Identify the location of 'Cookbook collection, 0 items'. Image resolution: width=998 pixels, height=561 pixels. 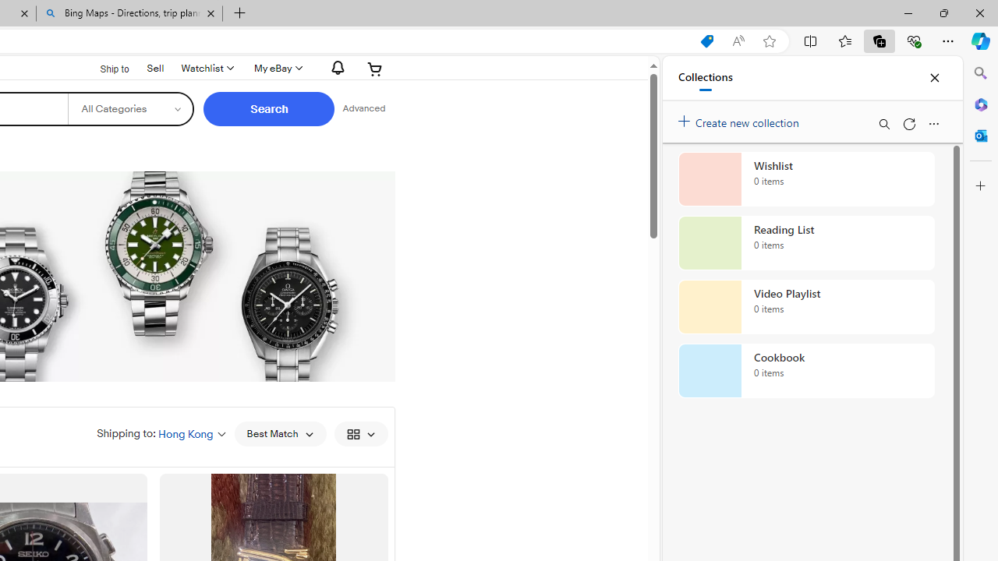
(806, 370).